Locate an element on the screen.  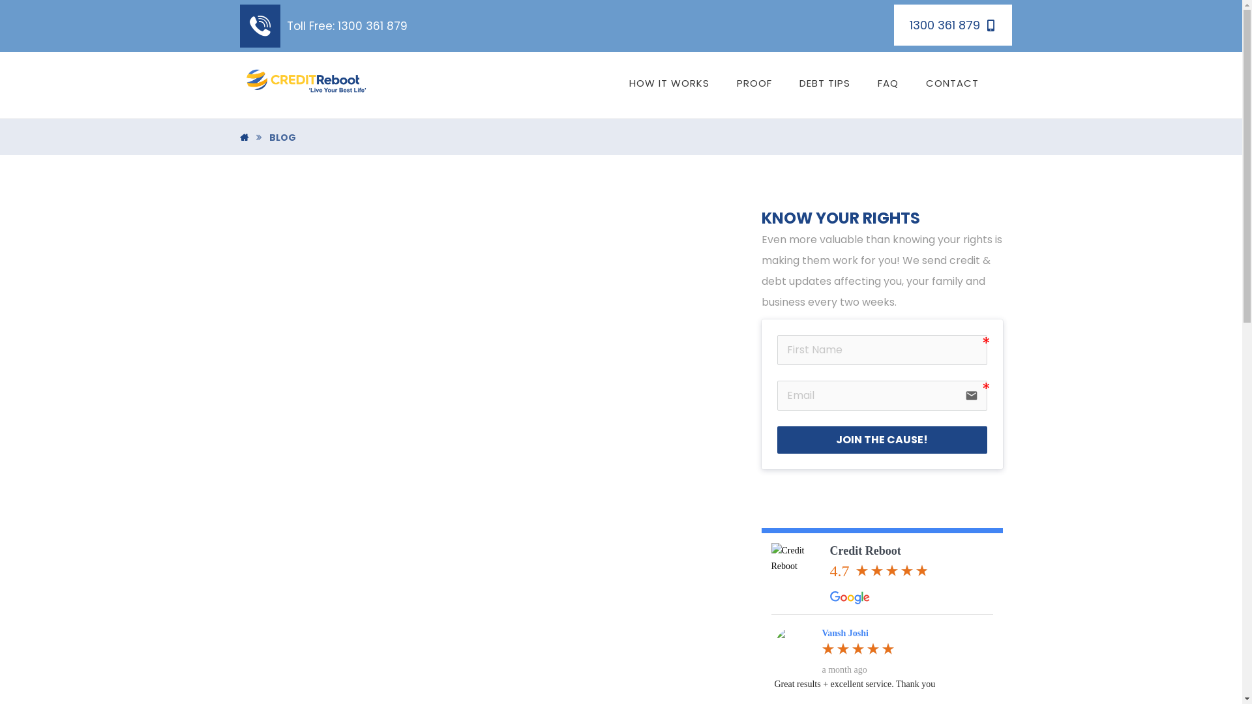
'Toll Free: 1300 361 879' is located at coordinates (323, 25).